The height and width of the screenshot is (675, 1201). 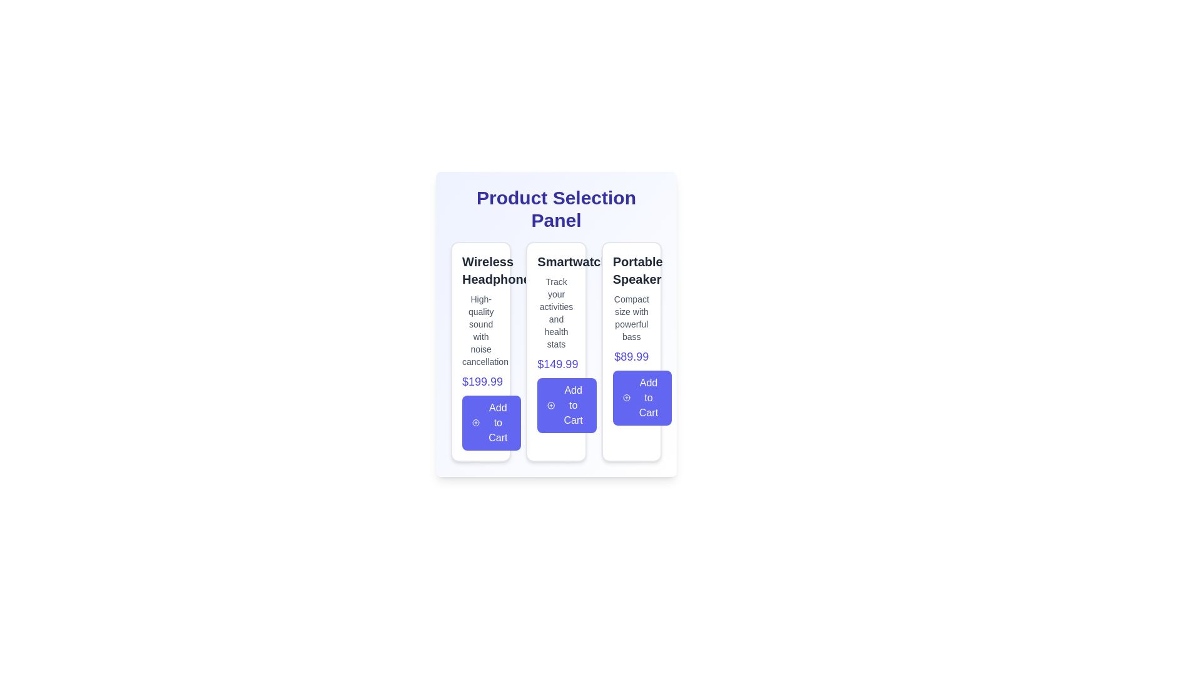 I want to click on the 'Add to Cart' button with a vivid indigo background and white text reading 'Add to Cart' located at the bottom of the 'Portable Speaker' section, so click(x=642, y=397).